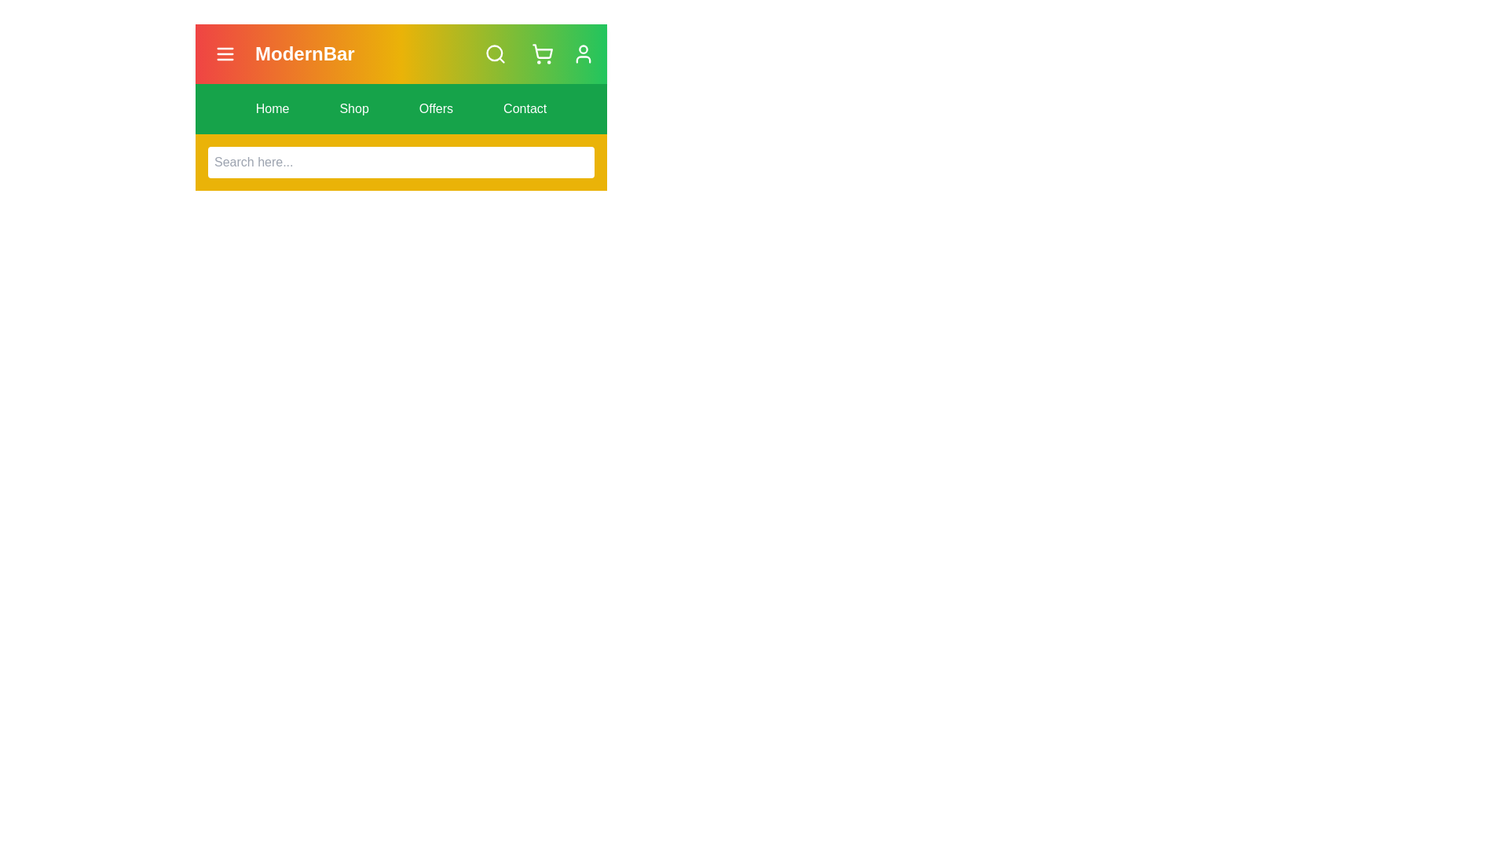 The image size is (1508, 848). I want to click on the search icon to observe visual feedback, so click(494, 53).